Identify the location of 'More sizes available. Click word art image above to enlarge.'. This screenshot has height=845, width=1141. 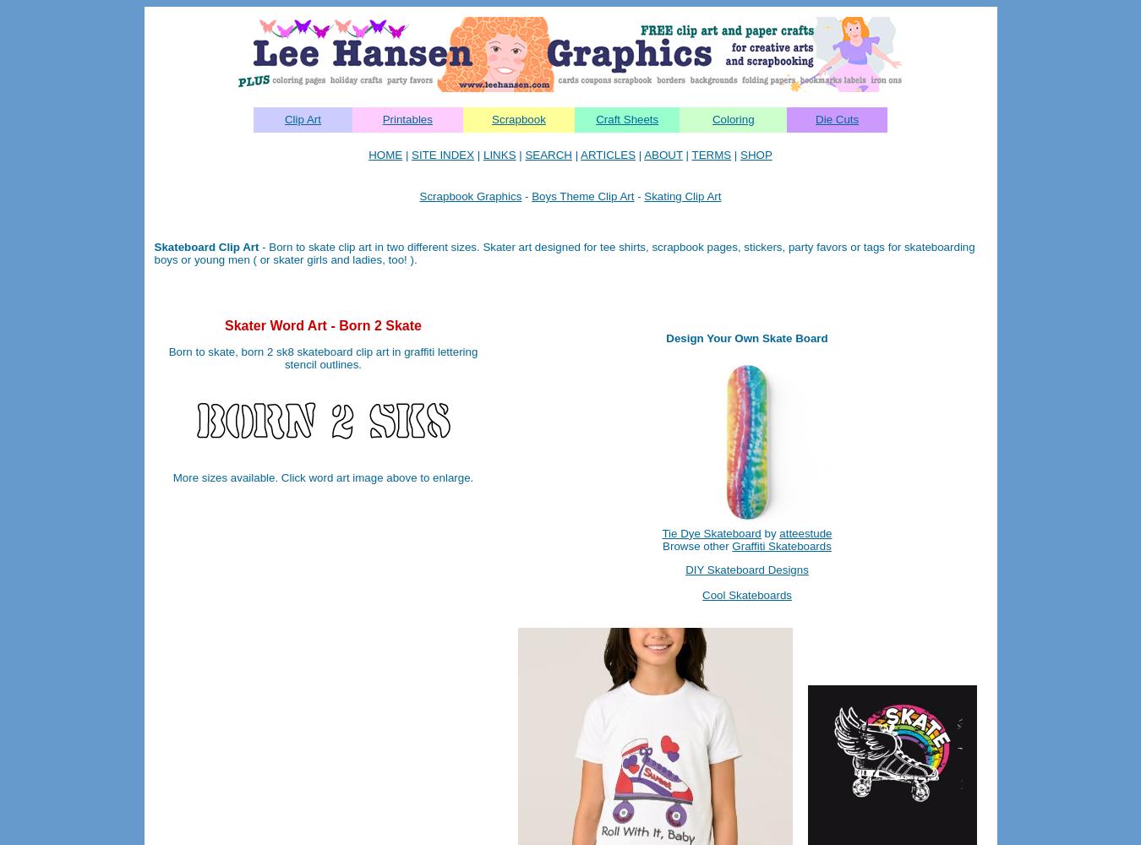
(172, 476).